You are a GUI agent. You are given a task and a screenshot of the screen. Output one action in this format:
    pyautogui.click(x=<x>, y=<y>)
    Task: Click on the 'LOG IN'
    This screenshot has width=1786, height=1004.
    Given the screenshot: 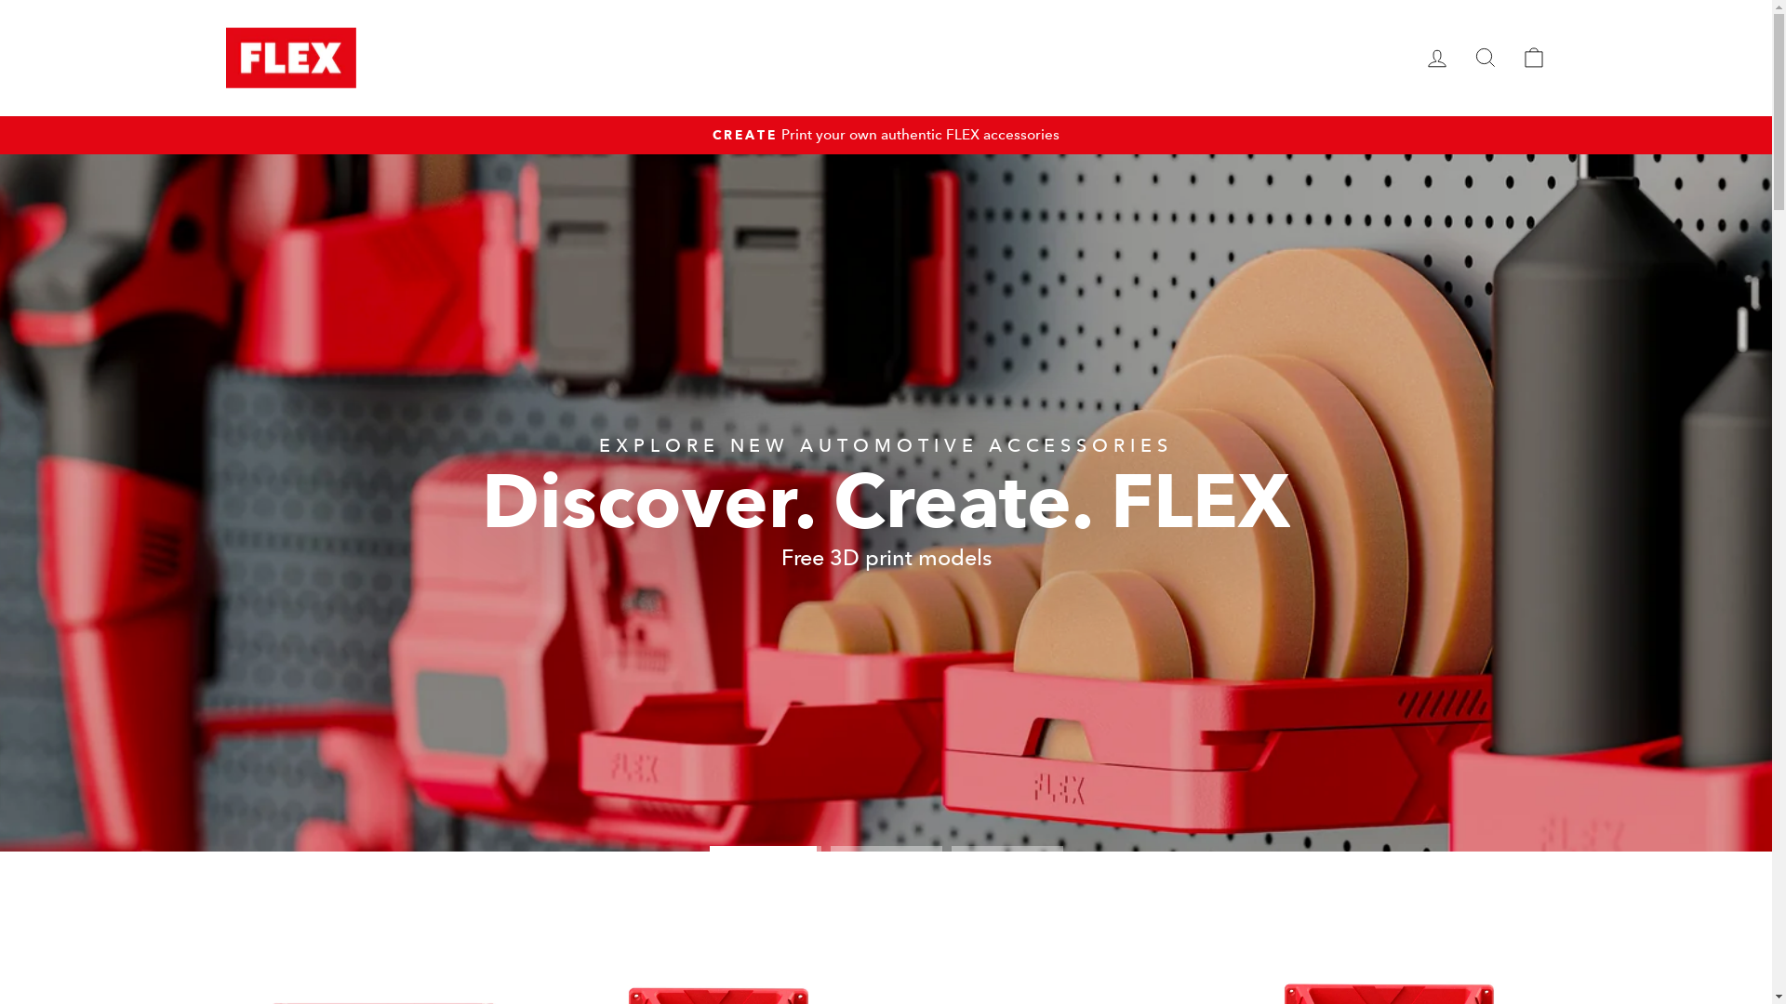 What is the action you would take?
    pyautogui.click(x=1411, y=57)
    